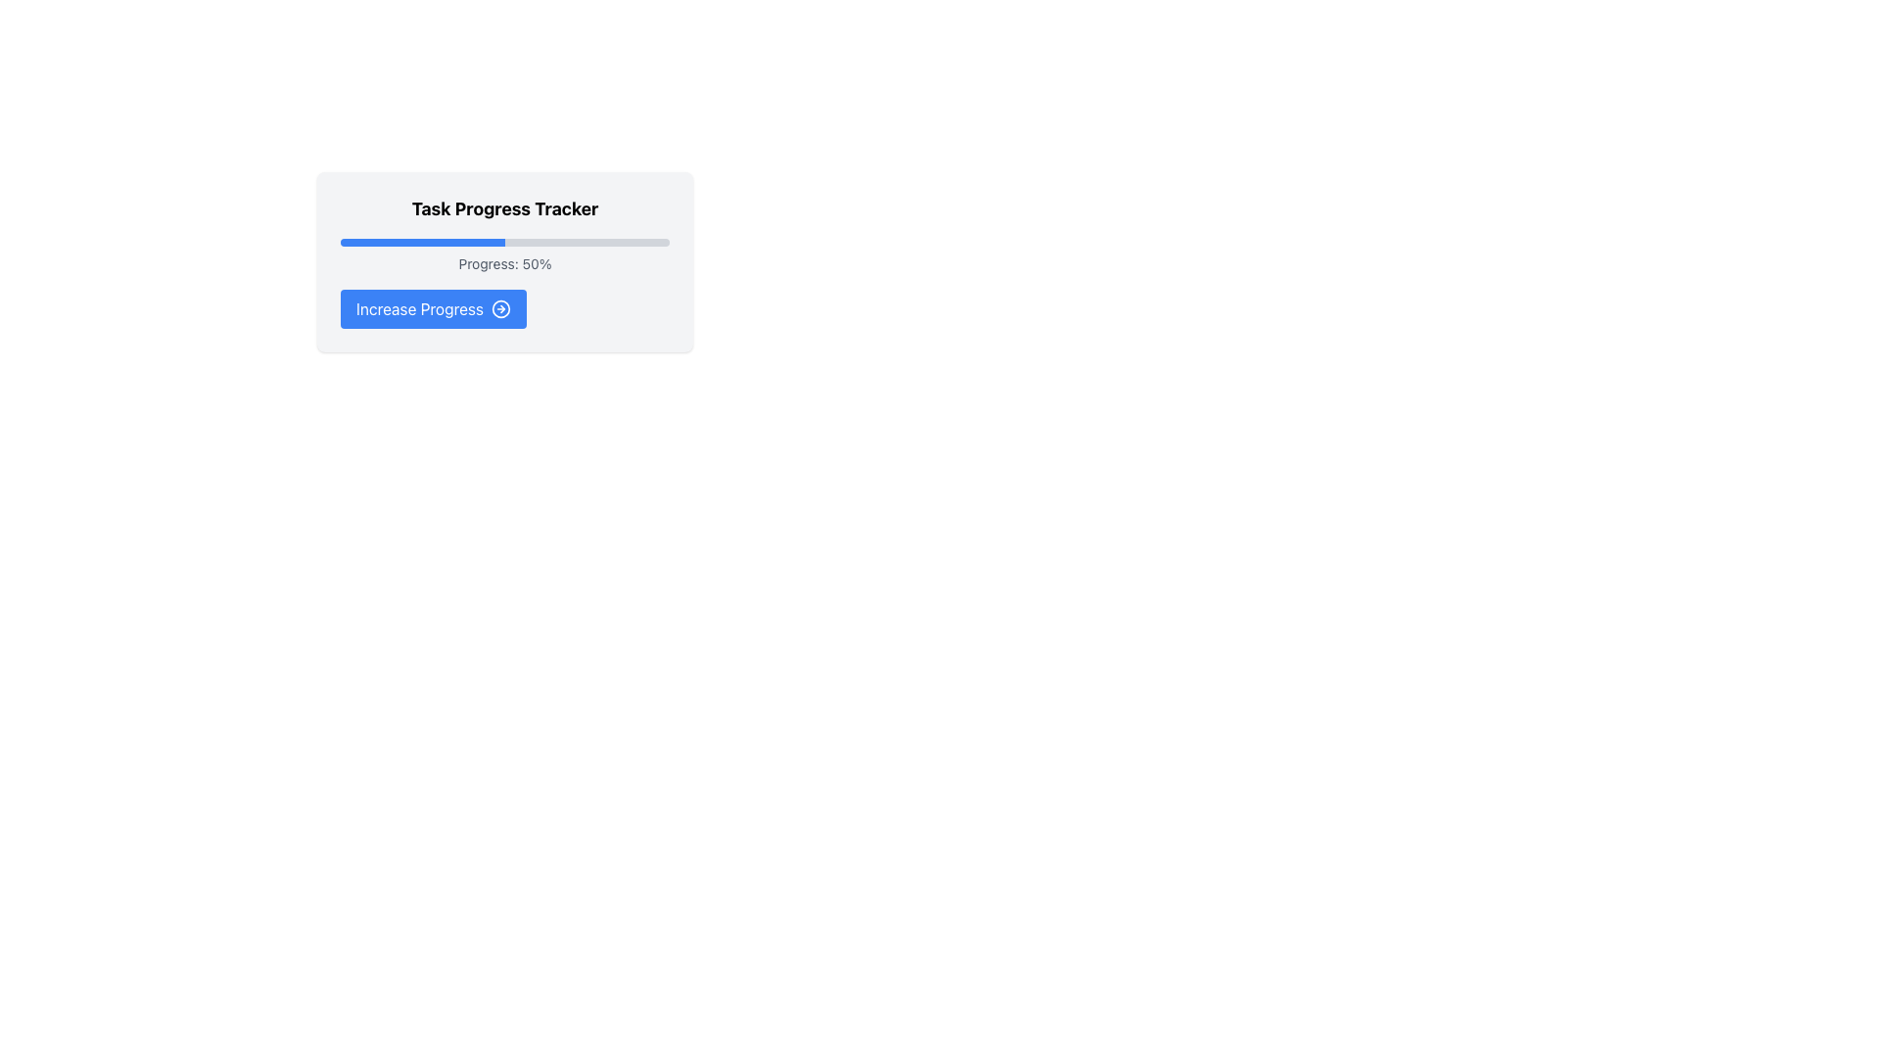 Image resolution: width=1880 pixels, height=1057 pixels. Describe the element at coordinates (504, 241) in the screenshot. I see `the Progress Bar that visually represents 50% completion, located beneath the title 'Task Progress Tracker' and above the label 'Progress: 50%.'` at that location.